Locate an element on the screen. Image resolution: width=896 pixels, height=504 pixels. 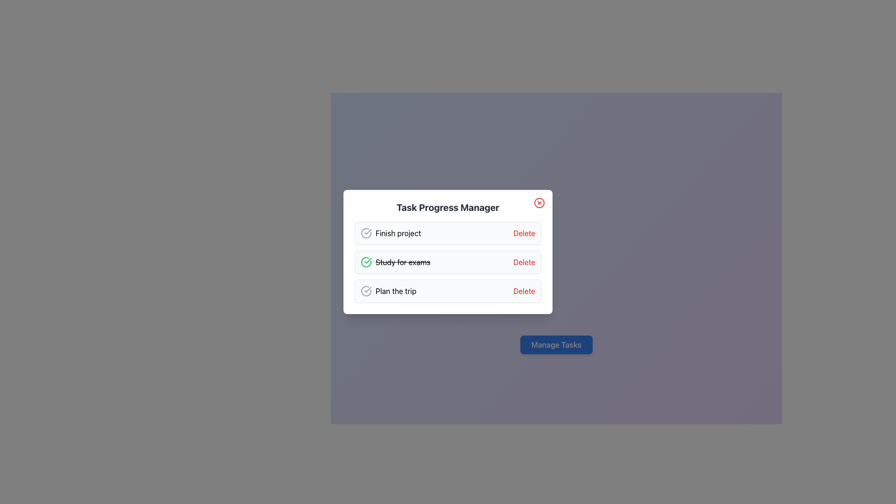
text label that says 'Study for exams', which is styled with a line-through effect and is the second item in the task list of the 'Task Progress Manager' dialog box is located at coordinates (403, 262).